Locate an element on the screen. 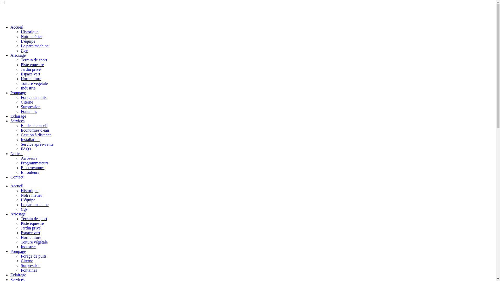 This screenshot has width=500, height=281. 'Eclairage' is located at coordinates (18, 274).